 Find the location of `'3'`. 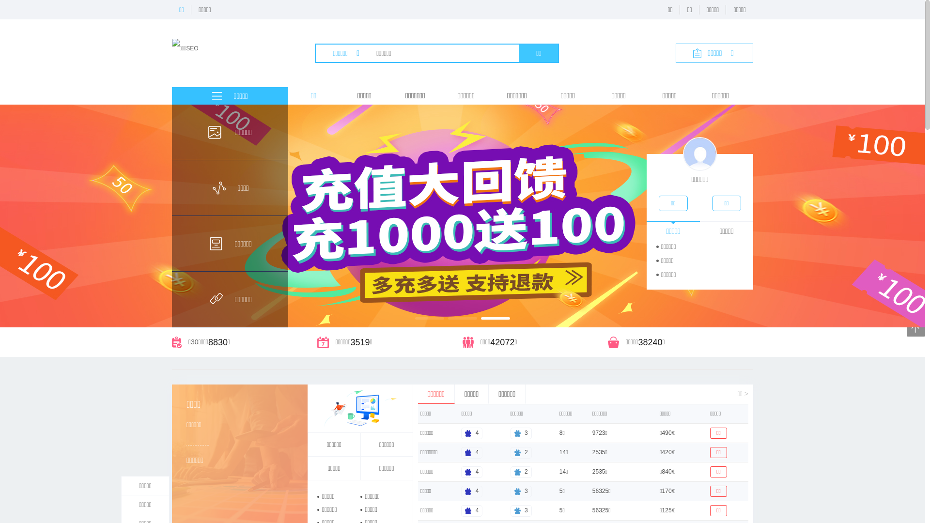

'3' is located at coordinates (520, 491).